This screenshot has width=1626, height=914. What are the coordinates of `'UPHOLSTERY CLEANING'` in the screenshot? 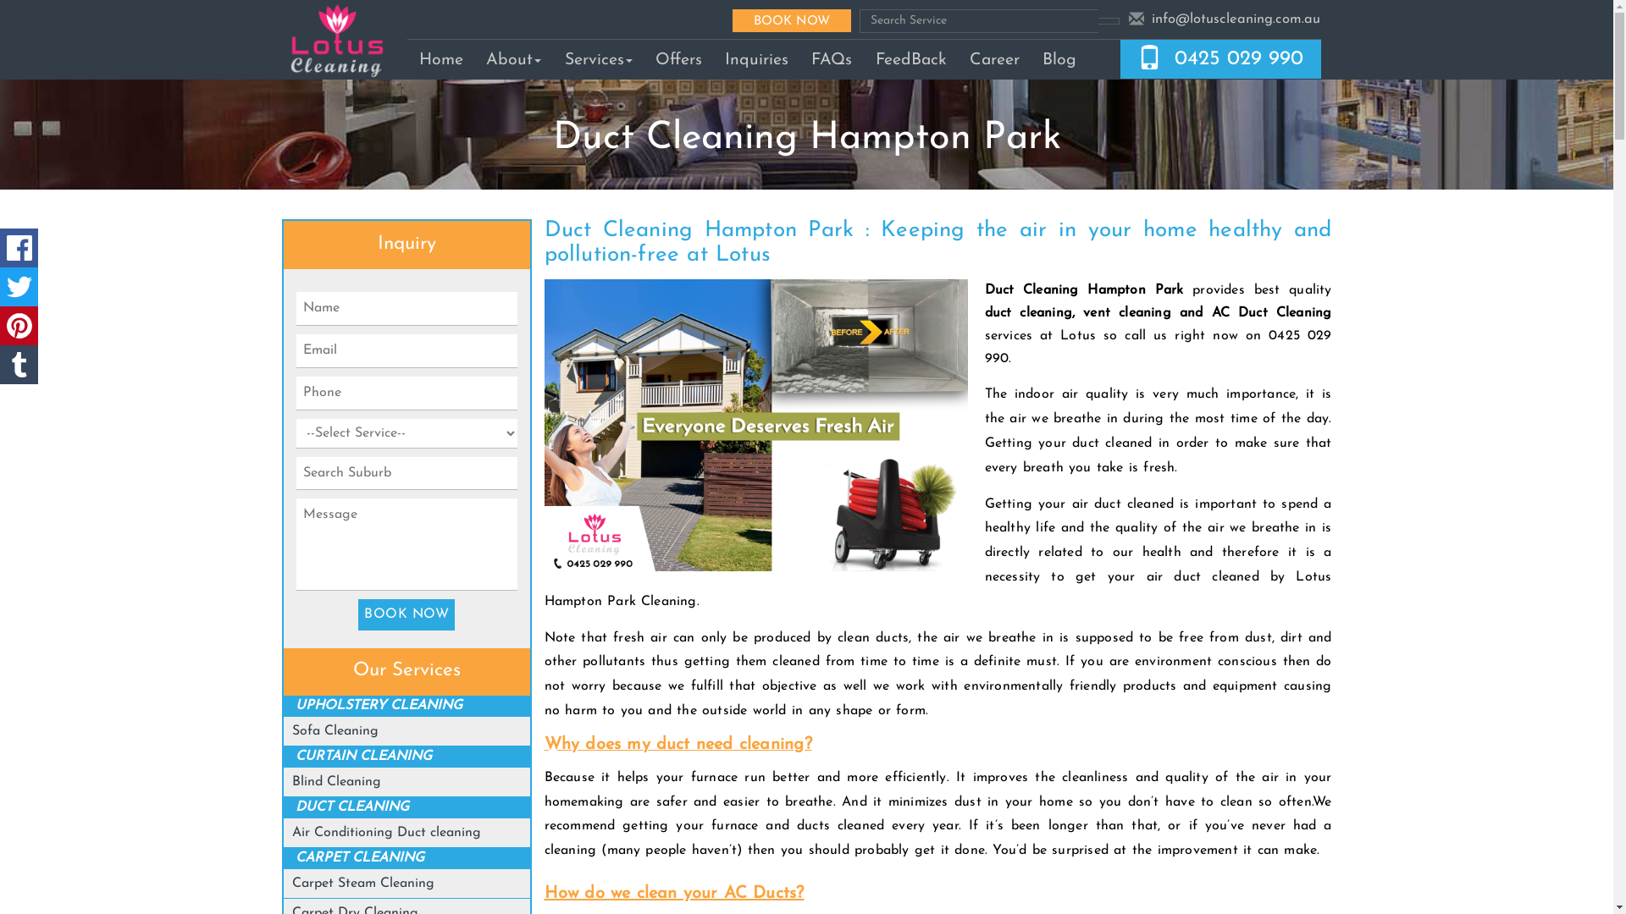 It's located at (378, 705).